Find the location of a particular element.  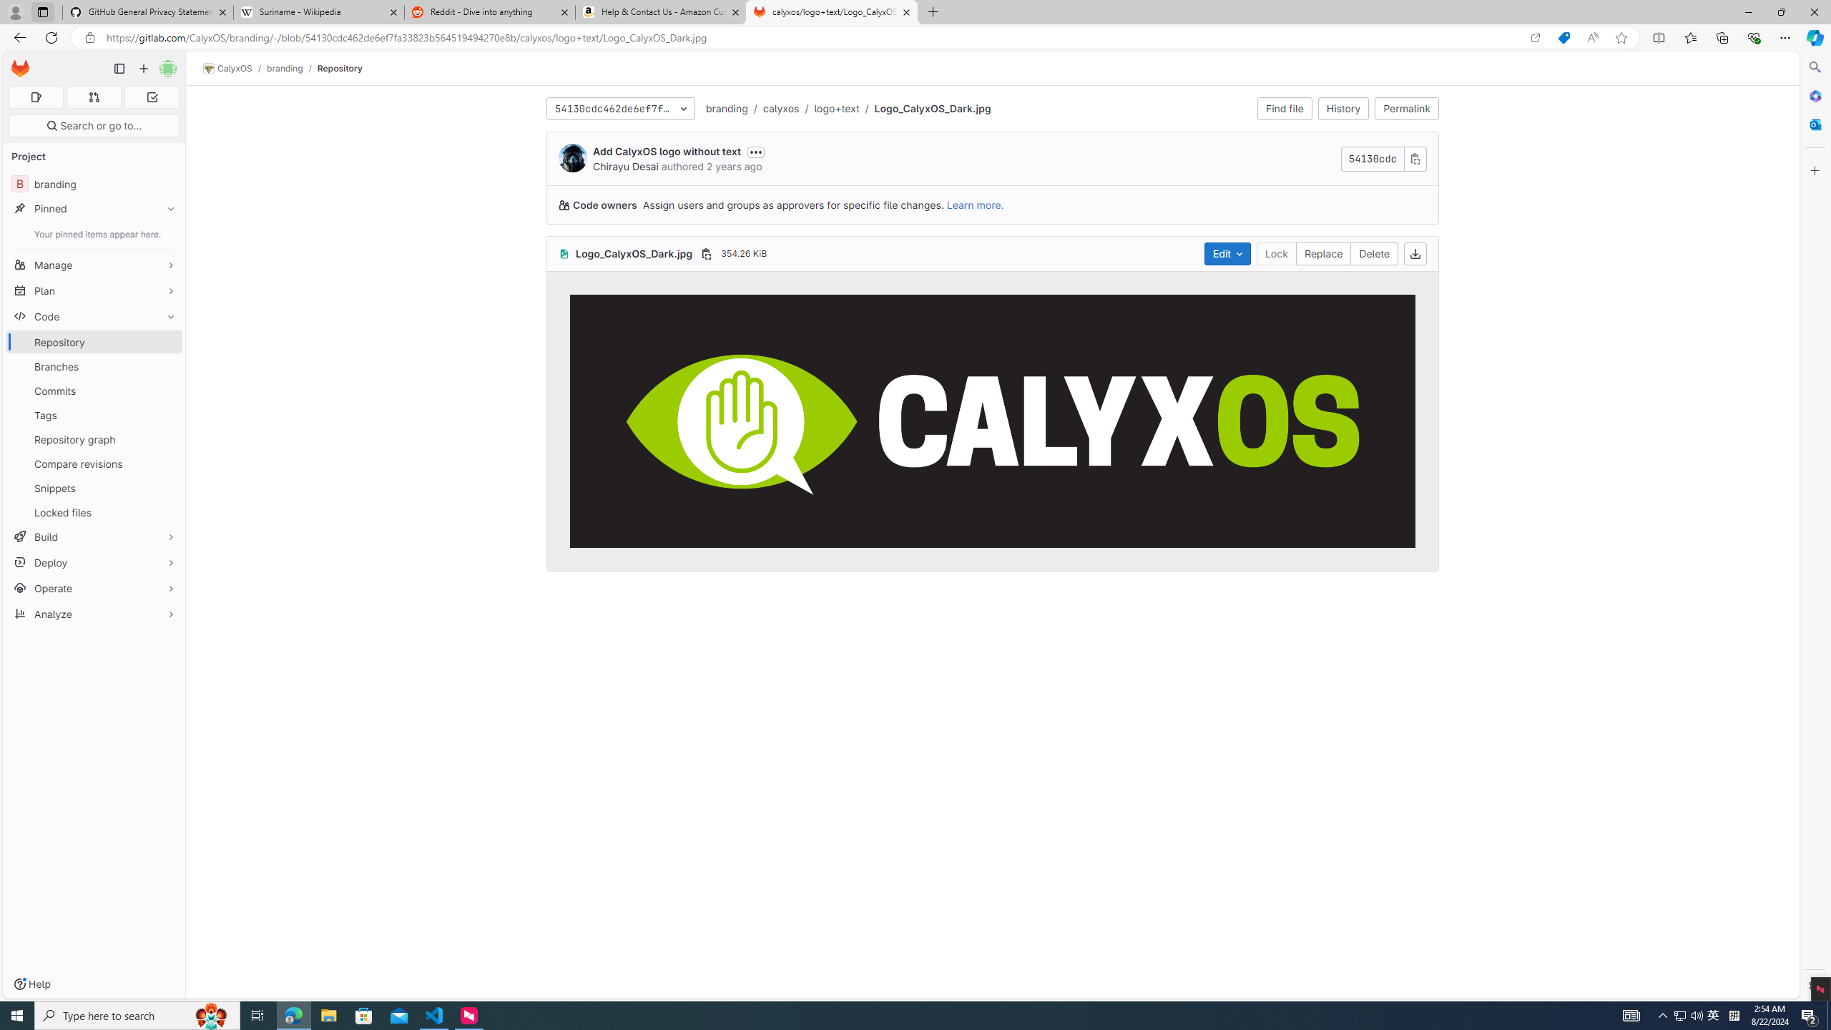

'Assigned issues 0' is located at coordinates (36, 97).